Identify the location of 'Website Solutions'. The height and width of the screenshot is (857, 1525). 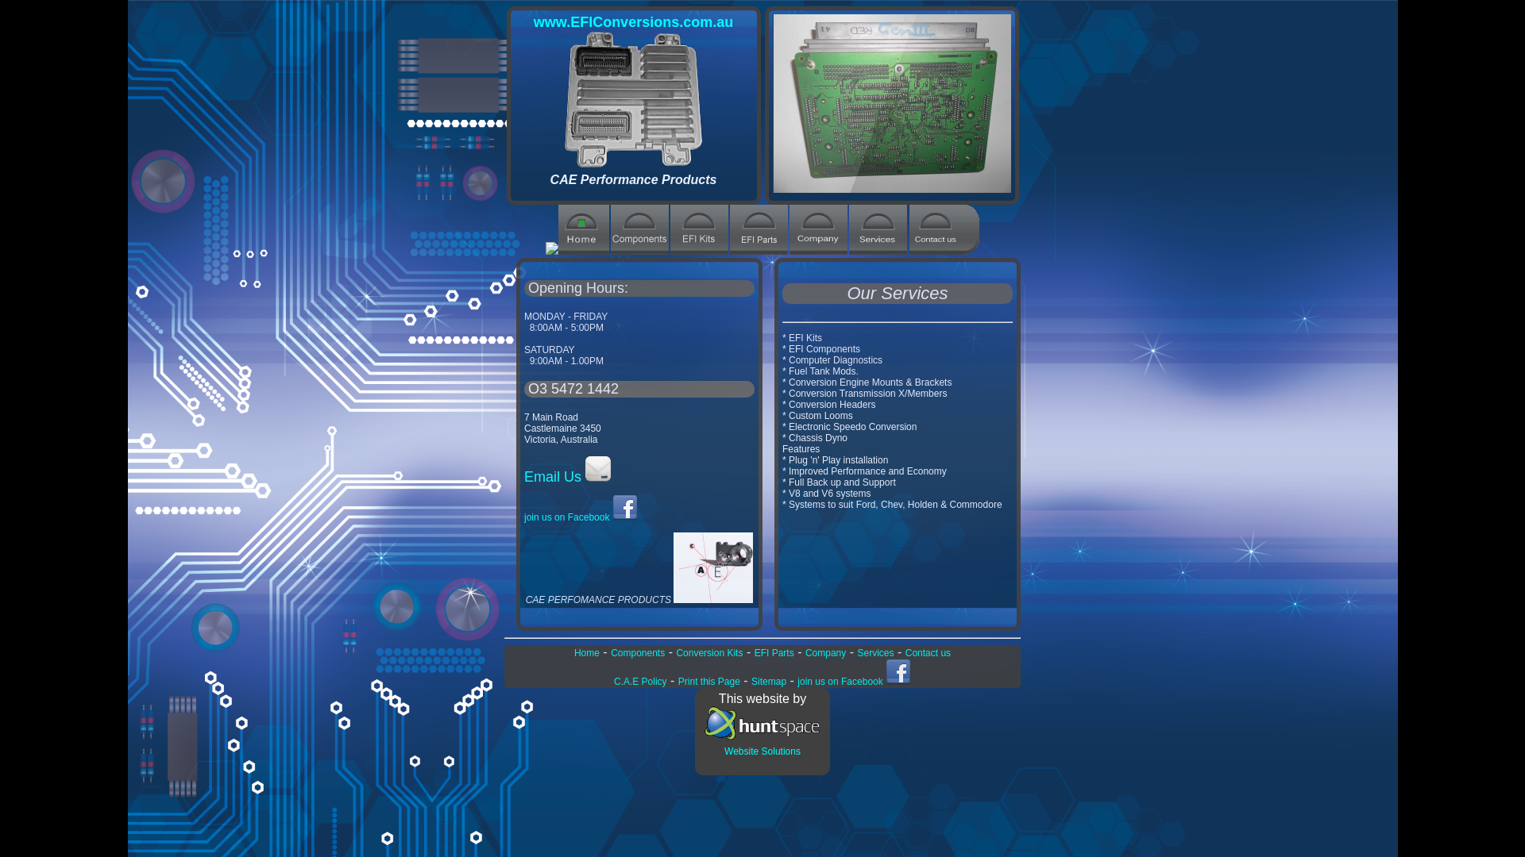
(762, 744).